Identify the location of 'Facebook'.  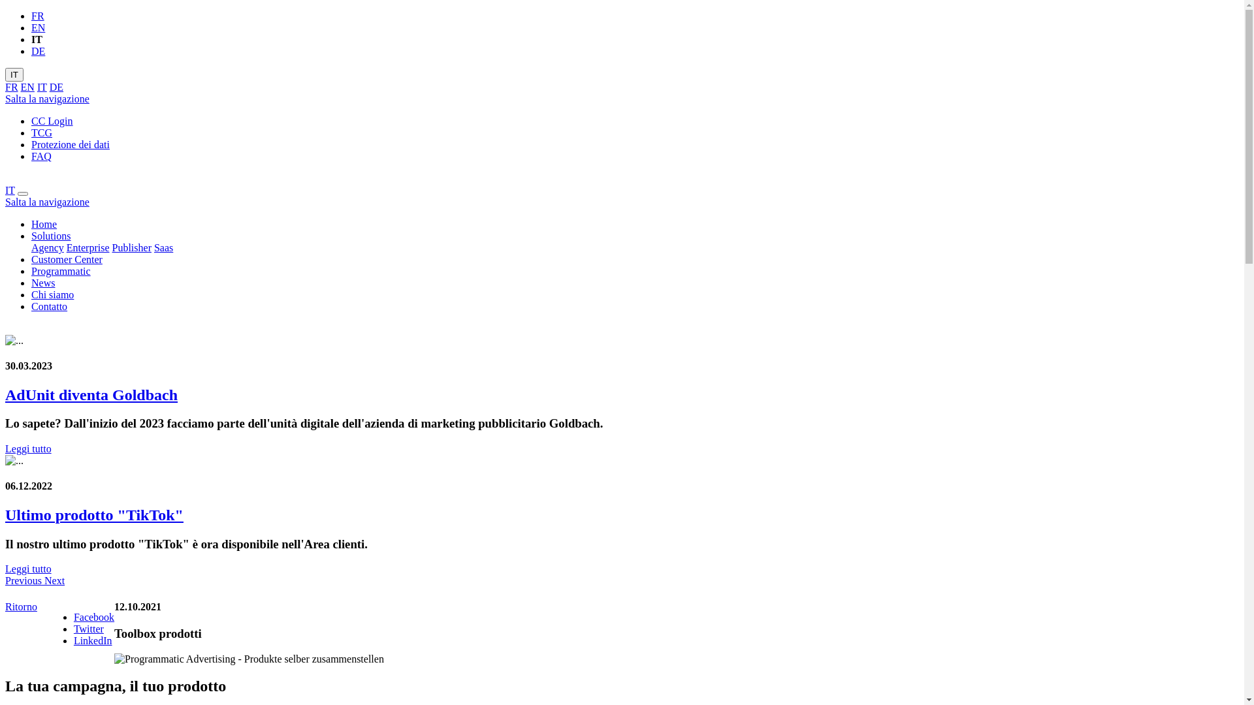
(93, 617).